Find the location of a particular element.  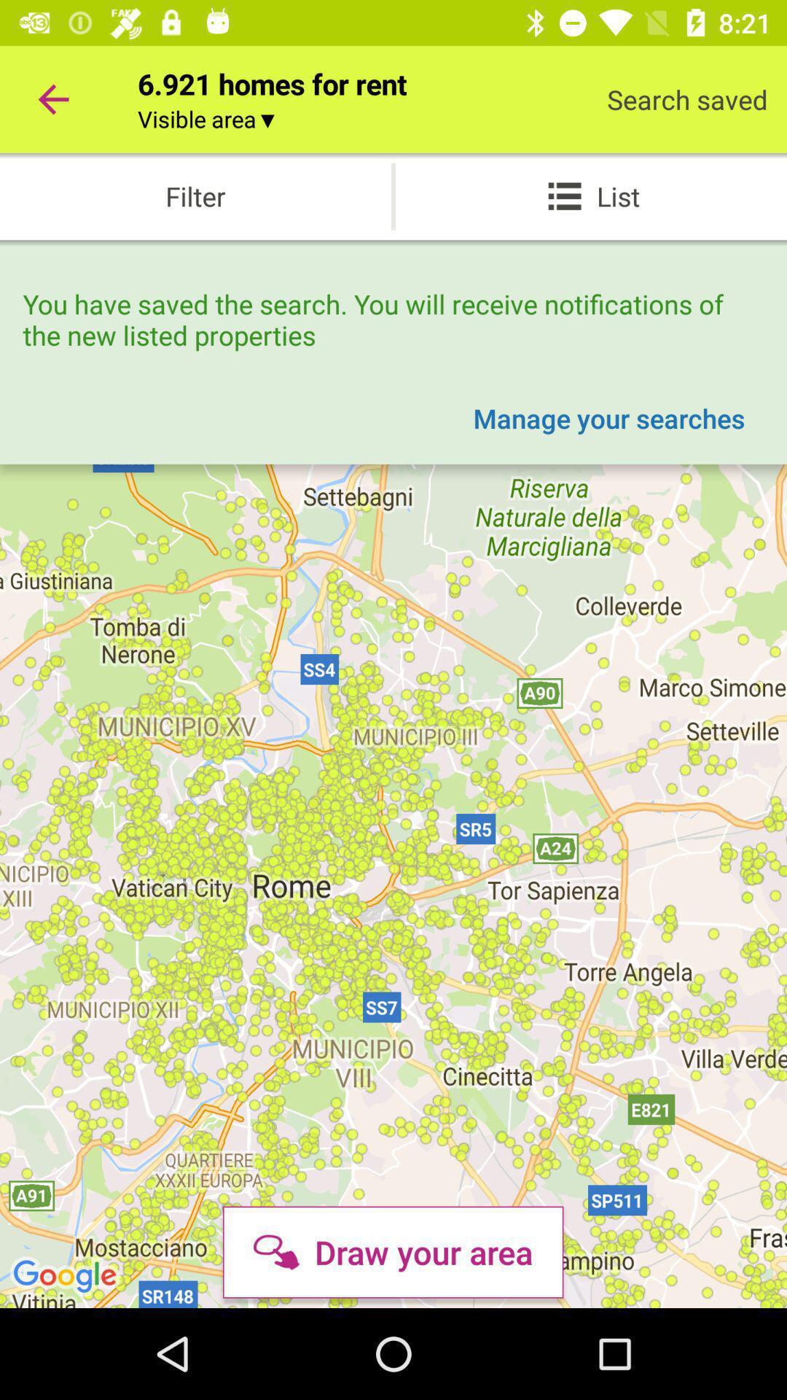

the draw your area icon is located at coordinates (392, 1251).